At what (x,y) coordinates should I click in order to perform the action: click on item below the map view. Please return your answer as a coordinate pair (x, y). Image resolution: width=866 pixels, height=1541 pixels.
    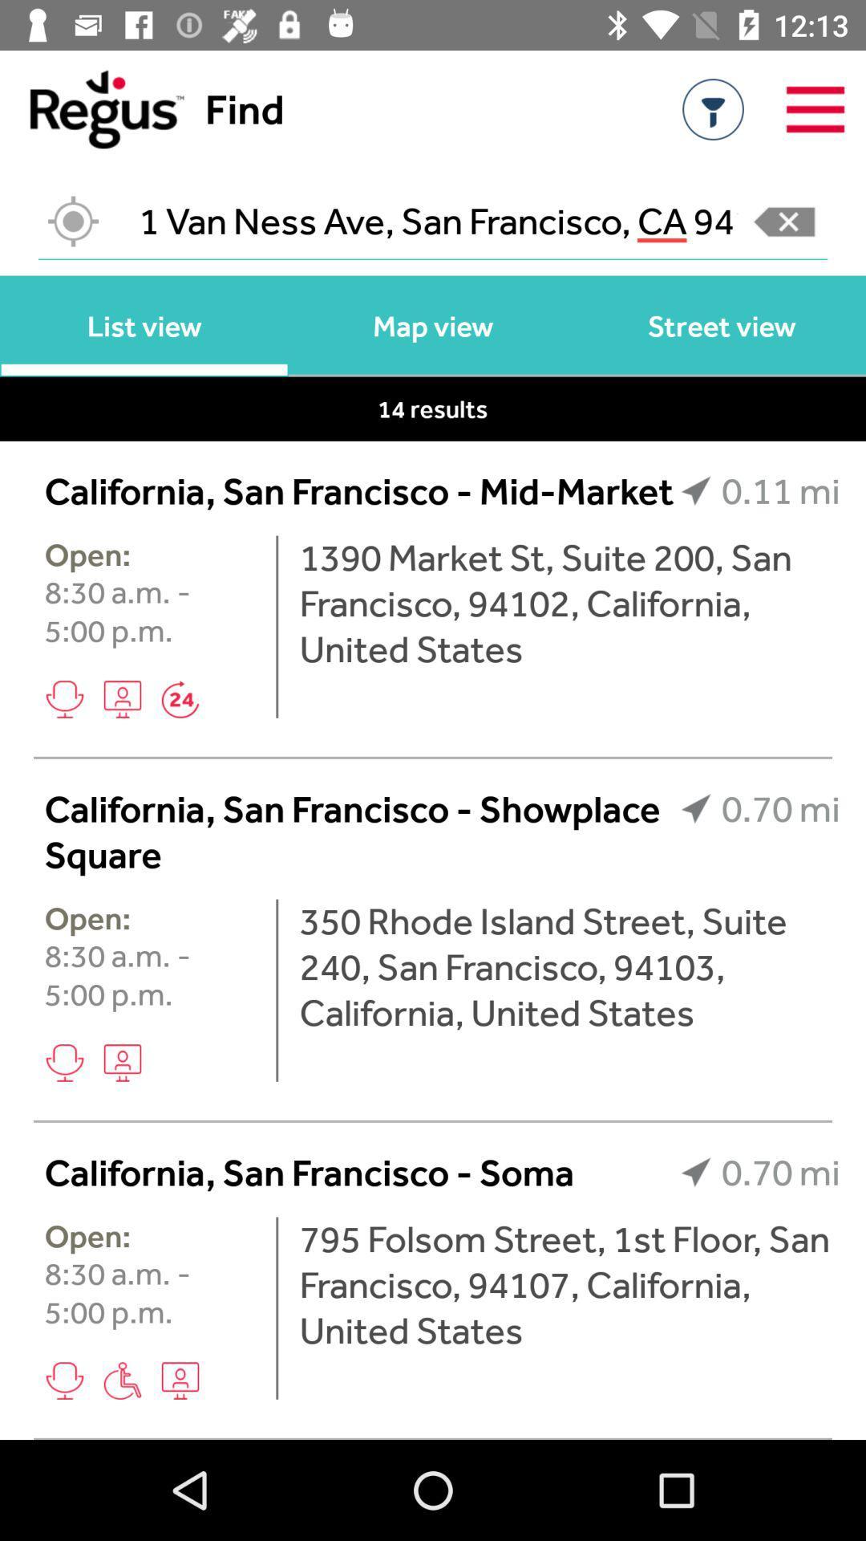
    Looking at the image, I should click on (431, 409).